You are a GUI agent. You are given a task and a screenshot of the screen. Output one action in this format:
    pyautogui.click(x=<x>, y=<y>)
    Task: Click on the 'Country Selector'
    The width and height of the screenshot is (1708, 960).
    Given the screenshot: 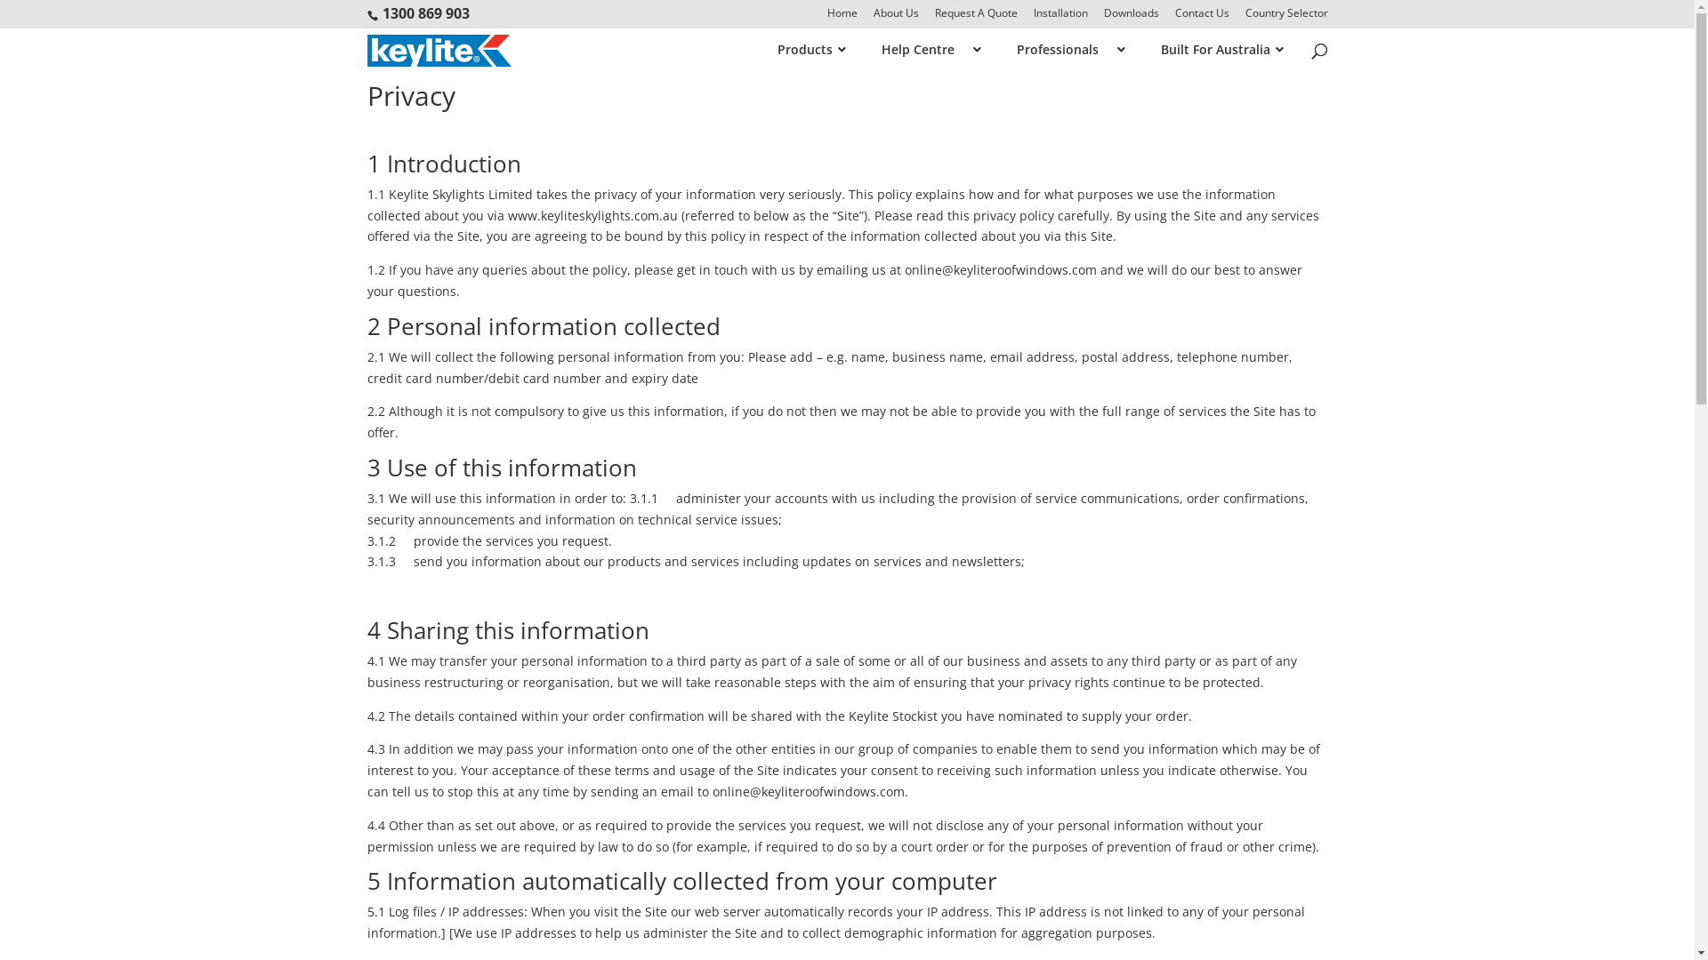 What is the action you would take?
    pyautogui.click(x=1286, y=17)
    